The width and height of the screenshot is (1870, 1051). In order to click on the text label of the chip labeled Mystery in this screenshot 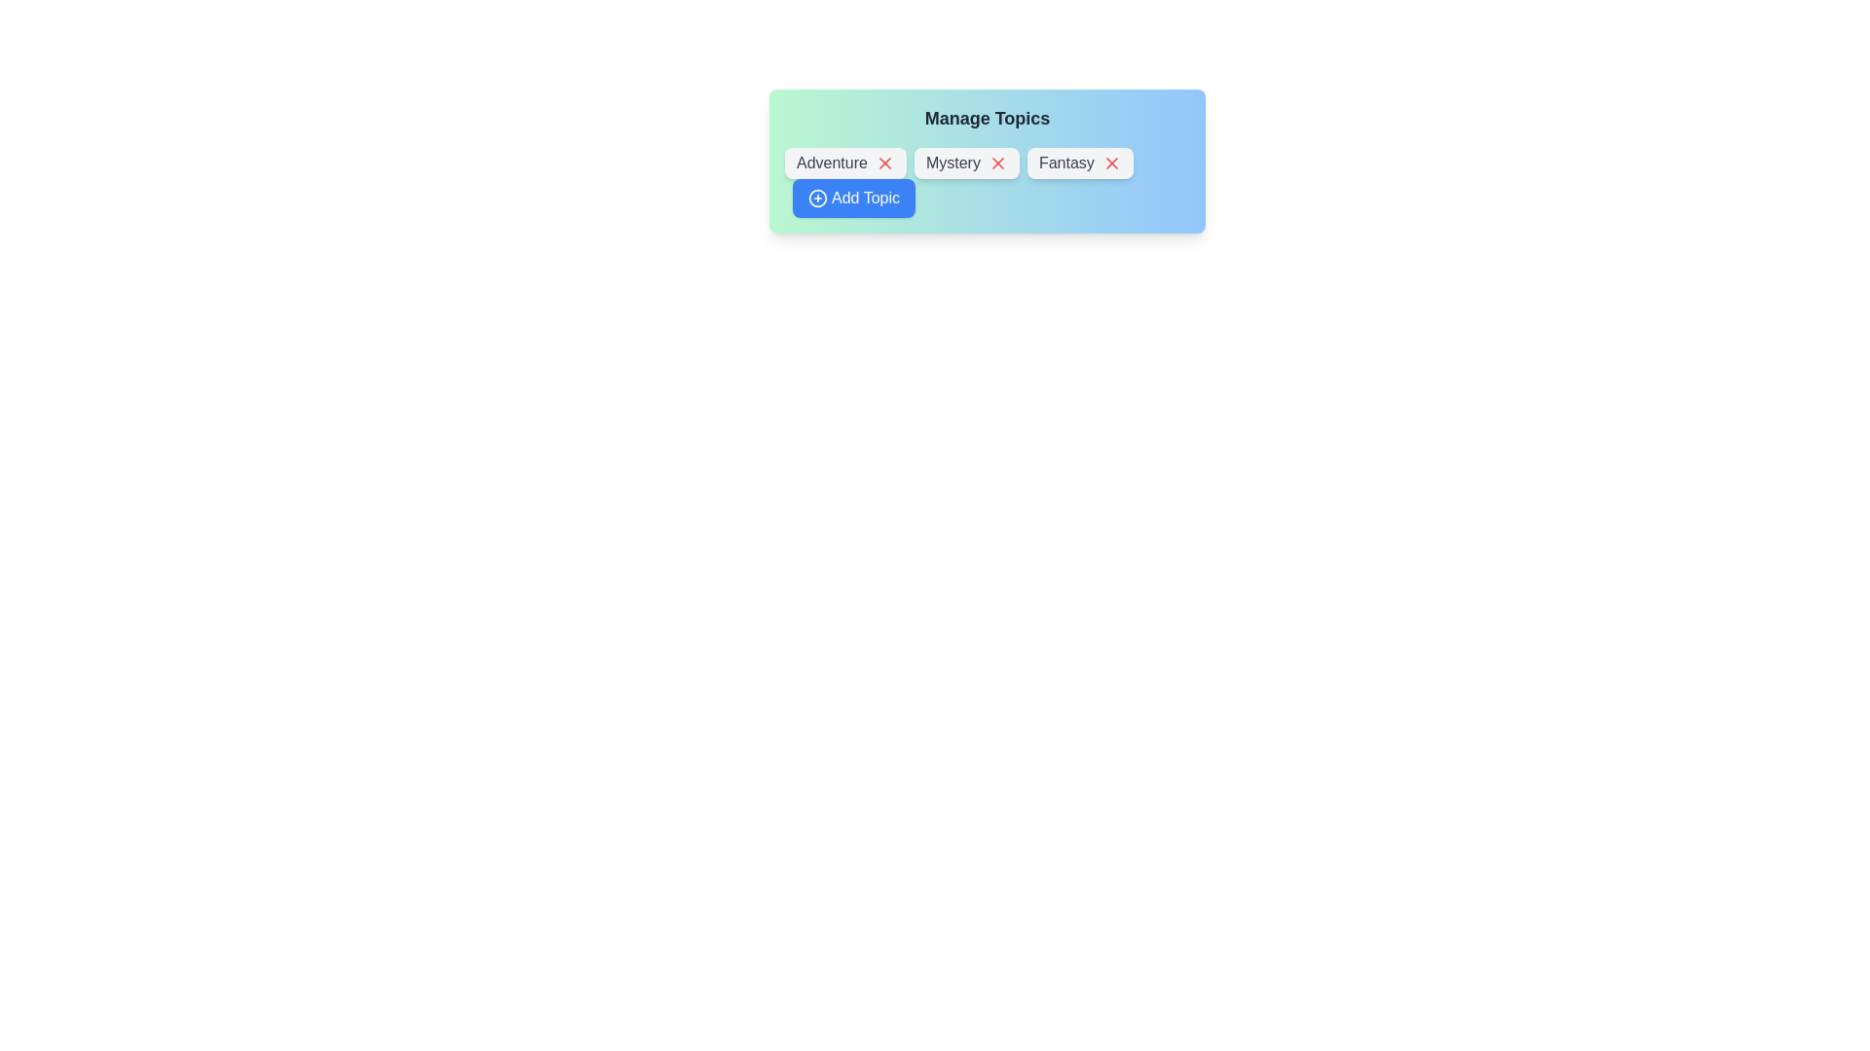, I will do `click(967, 163)`.